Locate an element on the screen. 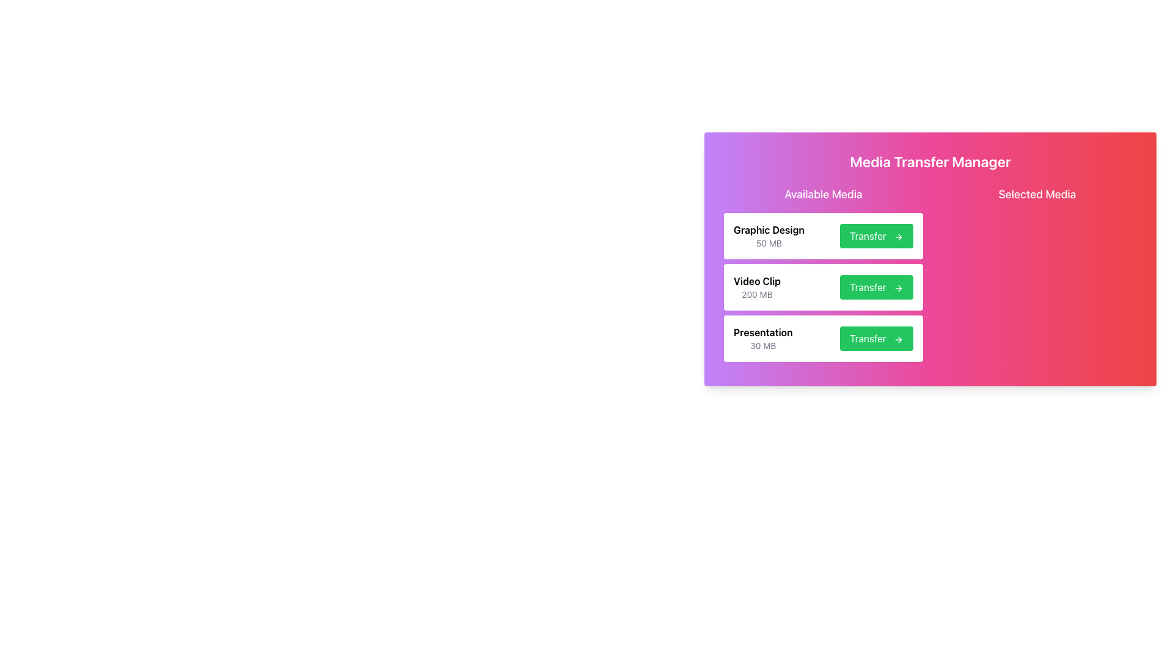 The image size is (1173, 659). the label displaying '50 MB', which is styled in light gray and located below the 'Graphic Design' text in the card interface is located at coordinates (768, 243).